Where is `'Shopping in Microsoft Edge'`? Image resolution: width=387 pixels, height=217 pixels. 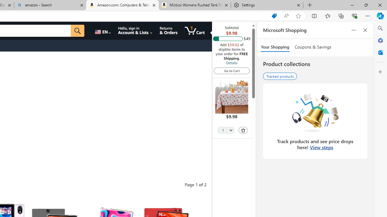
'Shopping in Microsoft Edge' is located at coordinates (274, 16).